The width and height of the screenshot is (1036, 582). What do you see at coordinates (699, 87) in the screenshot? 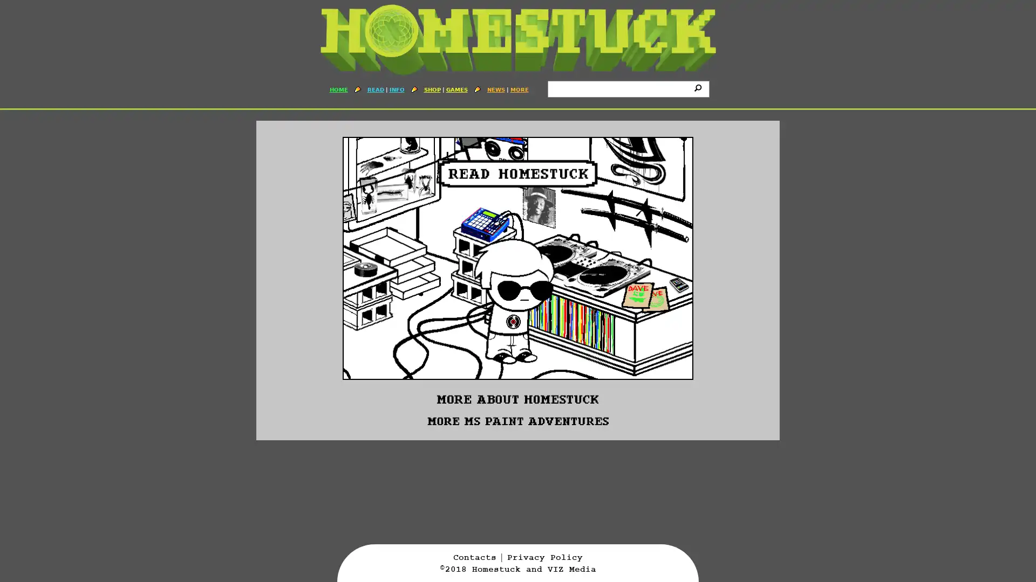
I see `i` at bounding box center [699, 87].